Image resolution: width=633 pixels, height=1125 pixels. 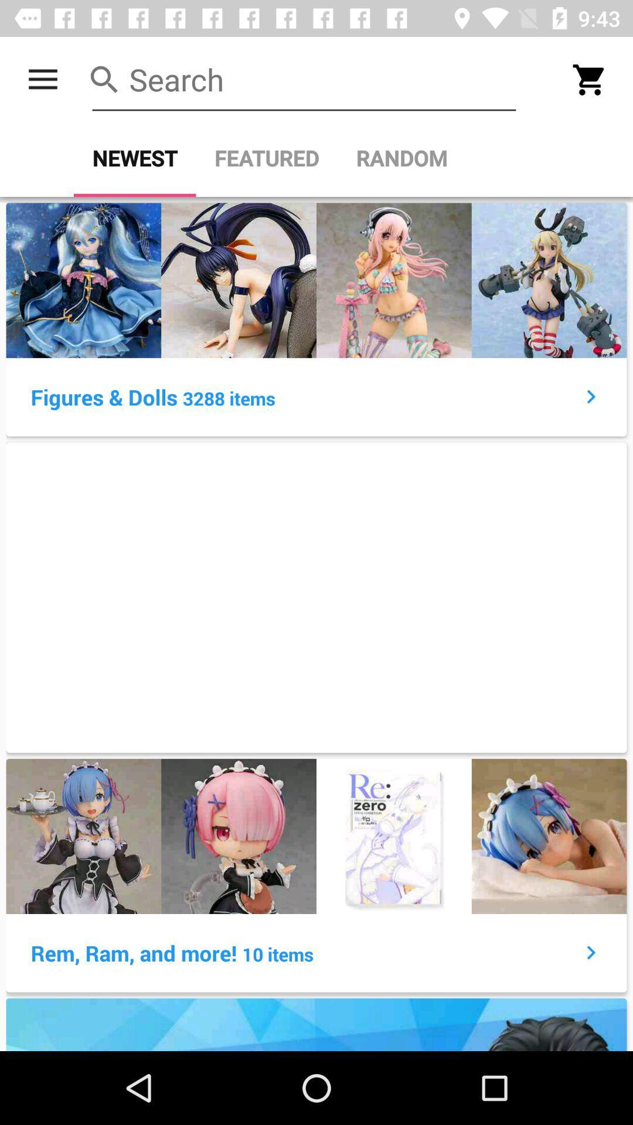 What do you see at coordinates (134, 158) in the screenshot?
I see `icon to the left of the featured item` at bounding box center [134, 158].